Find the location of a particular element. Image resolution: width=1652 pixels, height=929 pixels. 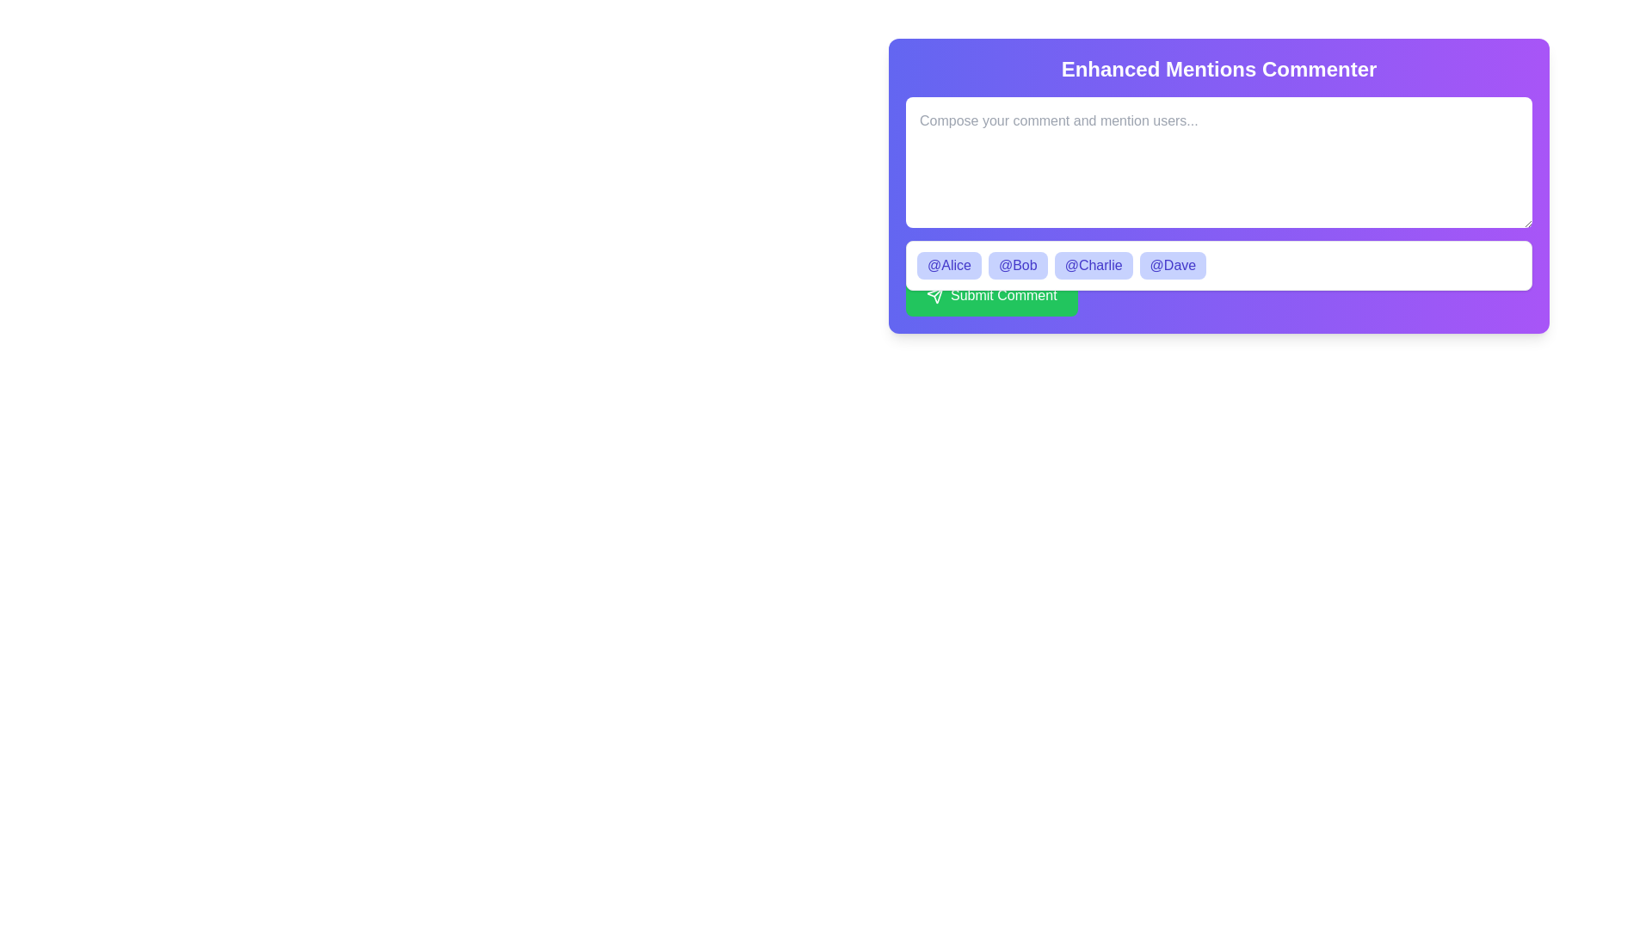

the informational text that reads 'You can mention team members in your comment.' which is displayed in a small white font on a vibrant purple background, located between a smiley face icon and a list of mentionable user icons is located at coordinates (1067, 258).